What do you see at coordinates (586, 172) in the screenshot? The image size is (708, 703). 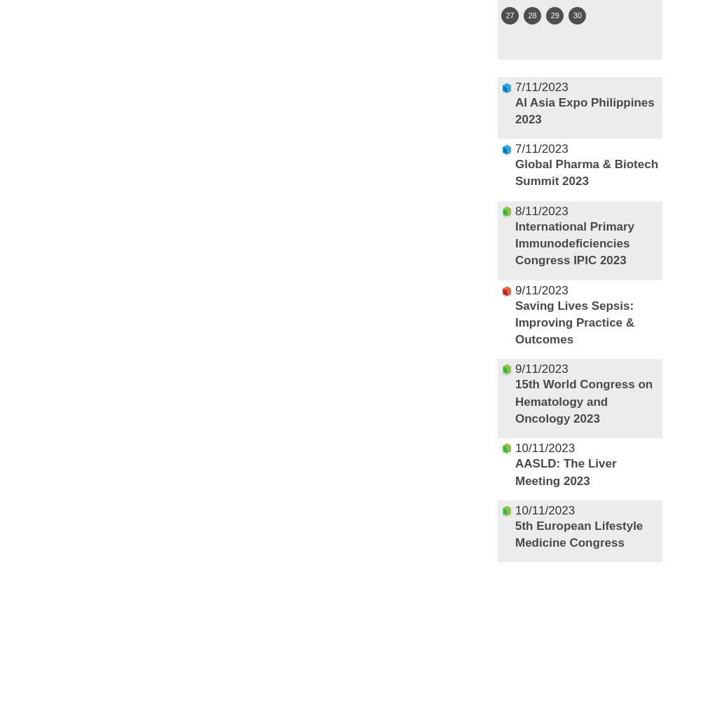 I see `'Global Pharma & Biotech Summit 2023'` at bounding box center [586, 172].